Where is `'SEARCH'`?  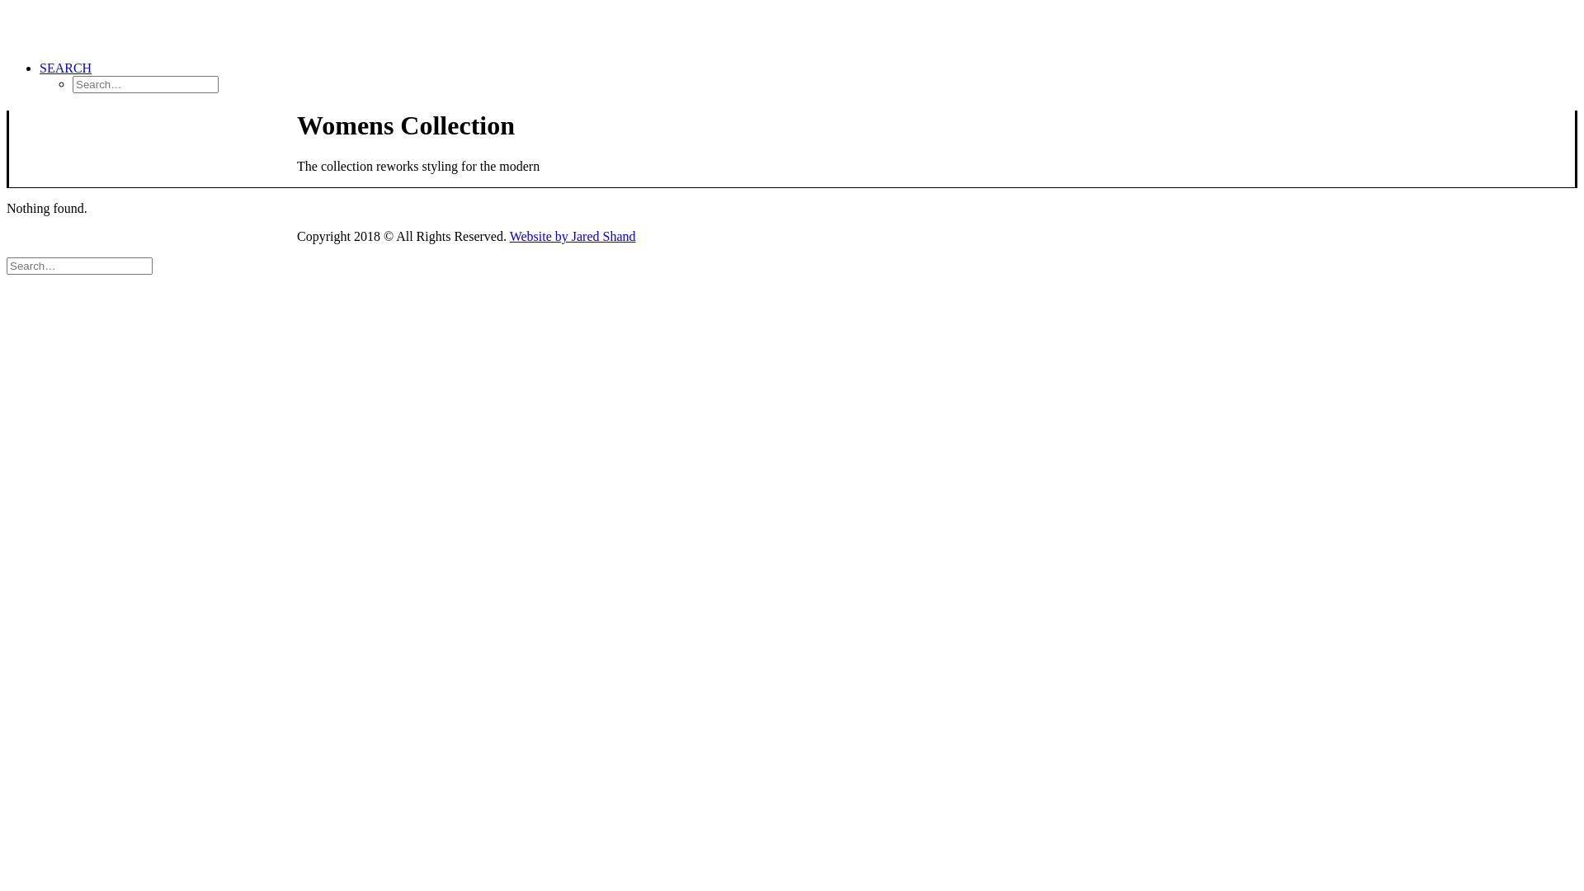 'SEARCH' is located at coordinates (65, 67).